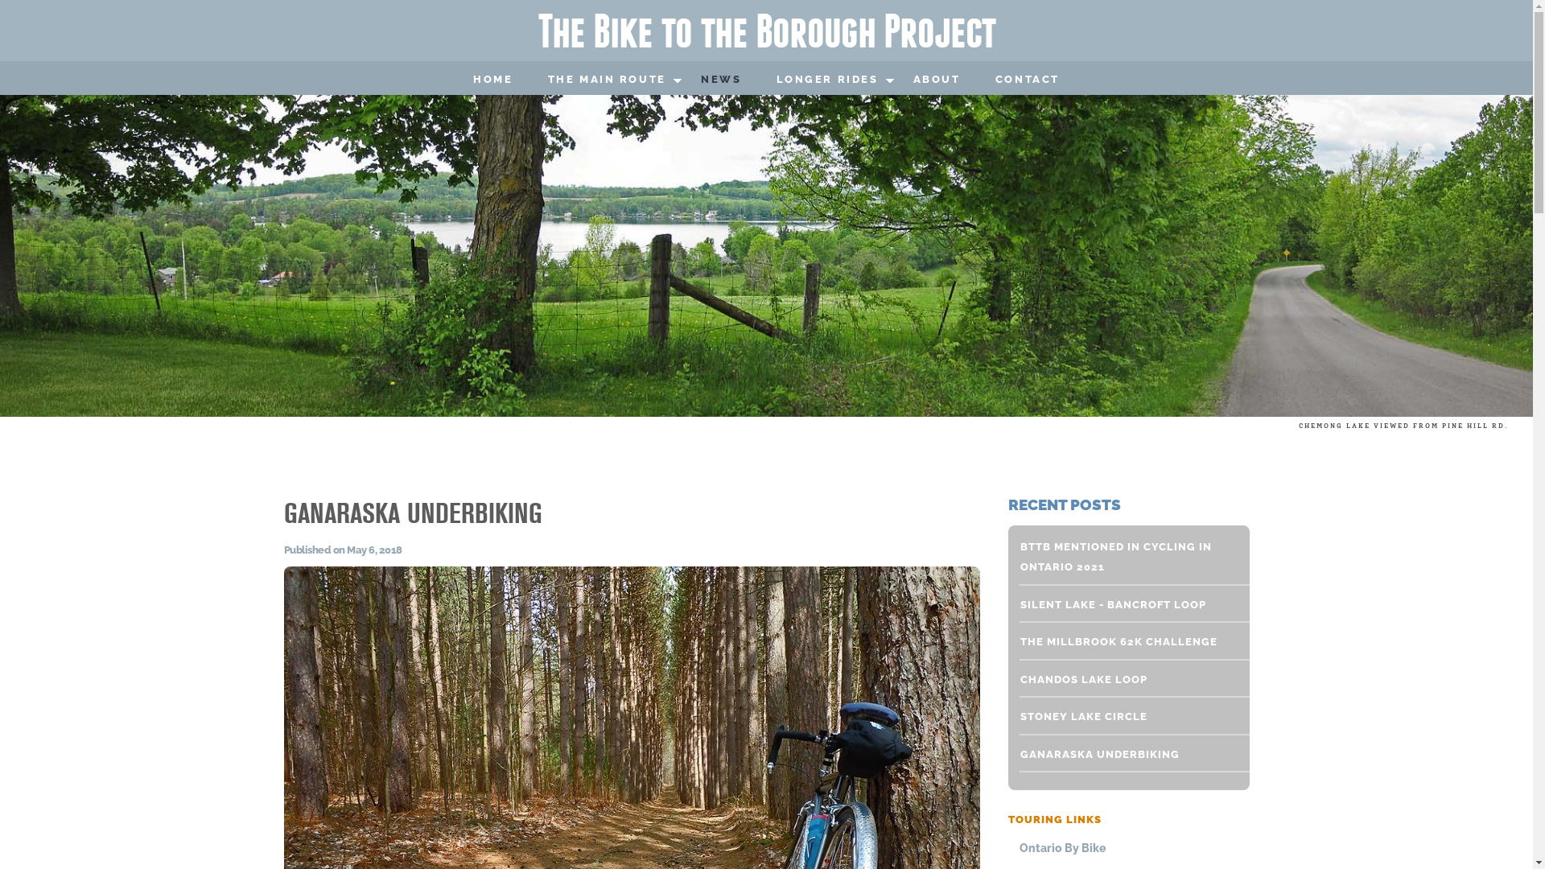 Image resolution: width=1545 pixels, height=869 pixels. I want to click on 'CHANDOS LAKE LOOP', so click(1124, 679).